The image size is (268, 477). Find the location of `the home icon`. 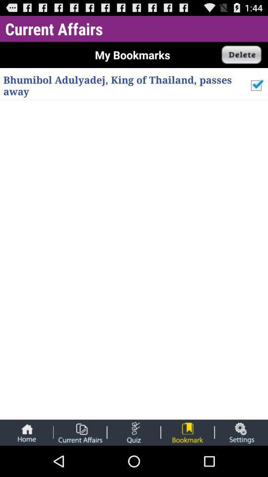

the home icon is located at coordinates (26, 463).